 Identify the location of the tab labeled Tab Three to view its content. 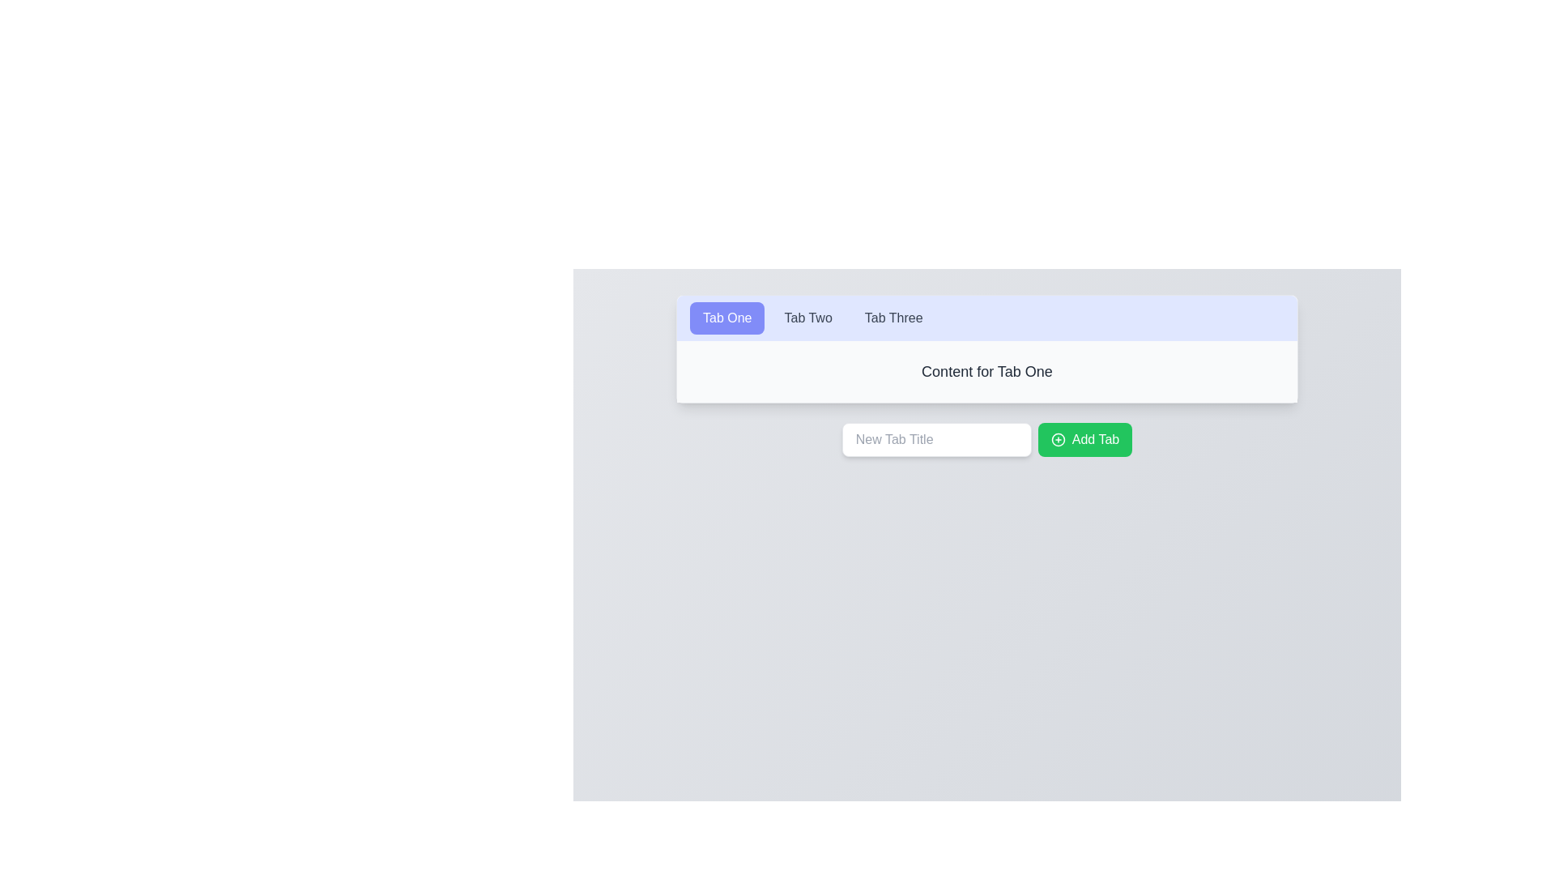
(893, 318).